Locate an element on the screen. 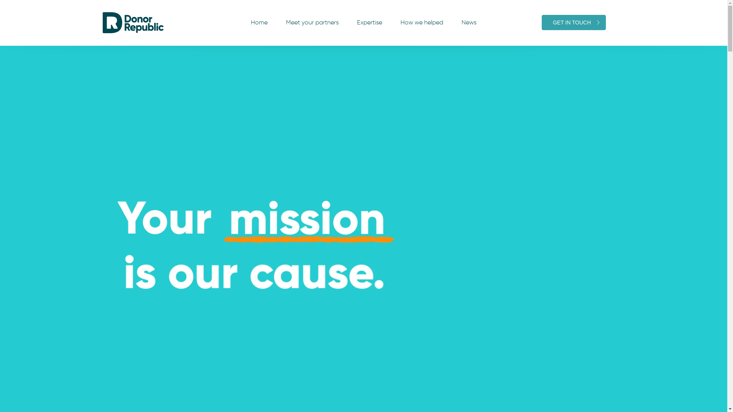 This screenshot has width=733, height=412. 'How we helped' is located at coordinates (394, 22).